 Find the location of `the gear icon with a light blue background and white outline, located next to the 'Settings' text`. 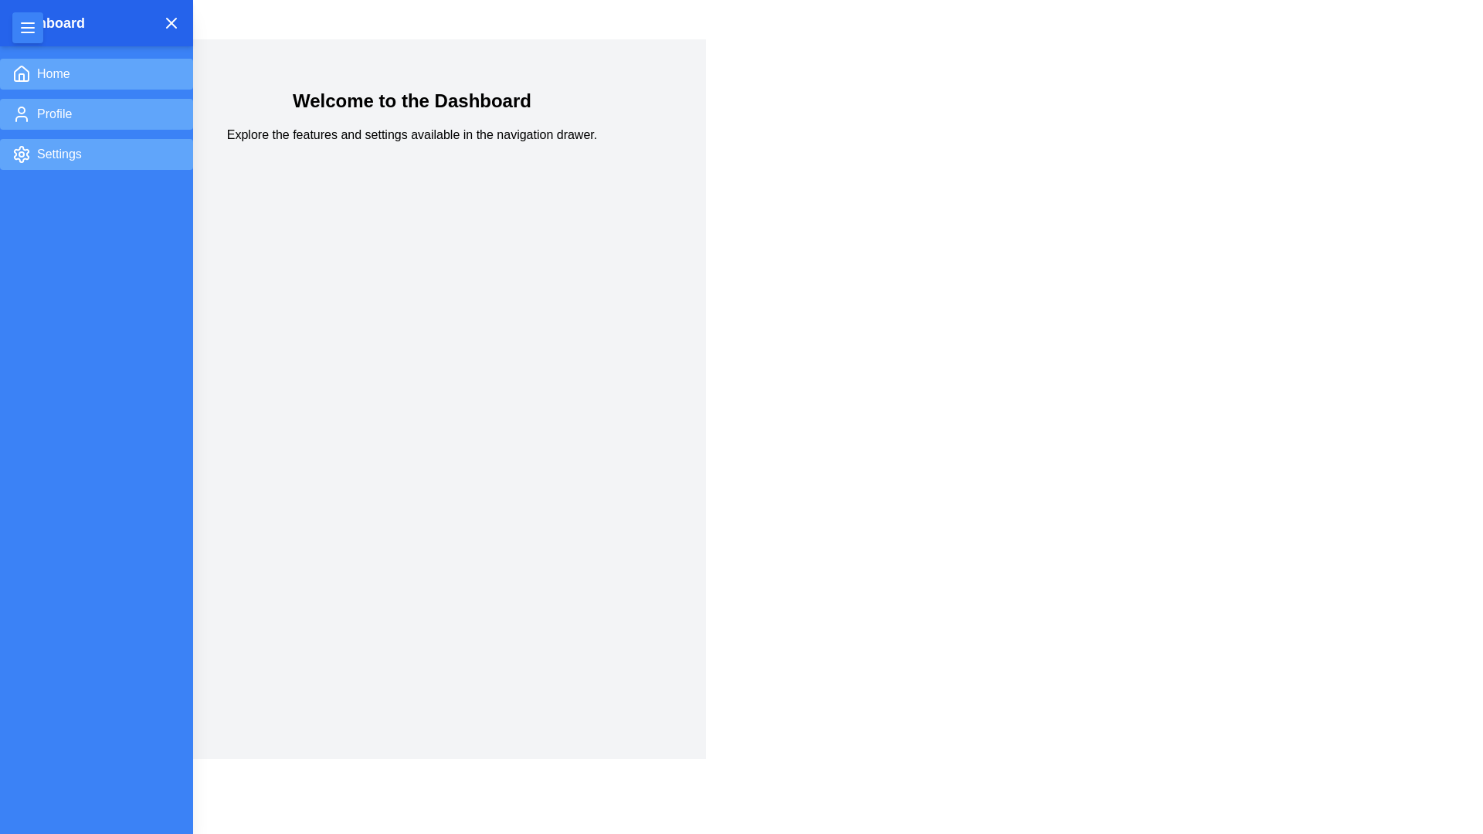

the gear icon with a light blue background and white outline, located next to the 'Settings' text is located at coordinates (22, 154).